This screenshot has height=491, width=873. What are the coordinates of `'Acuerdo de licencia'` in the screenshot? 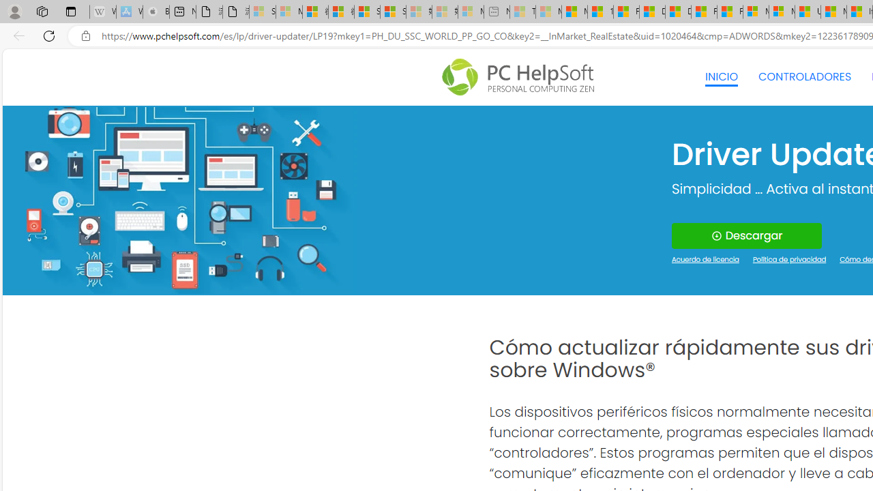 It's located at (705, 260).